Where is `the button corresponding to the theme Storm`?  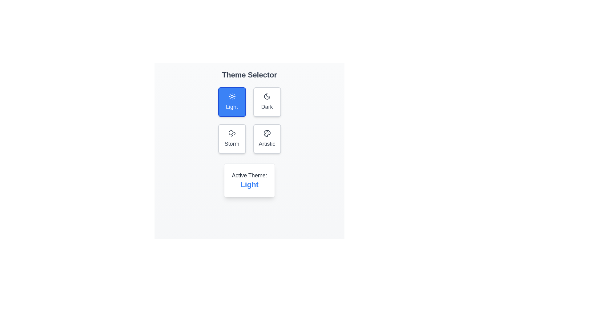 the button corresponding to the theme Storm is located at coordinates (231, 139).